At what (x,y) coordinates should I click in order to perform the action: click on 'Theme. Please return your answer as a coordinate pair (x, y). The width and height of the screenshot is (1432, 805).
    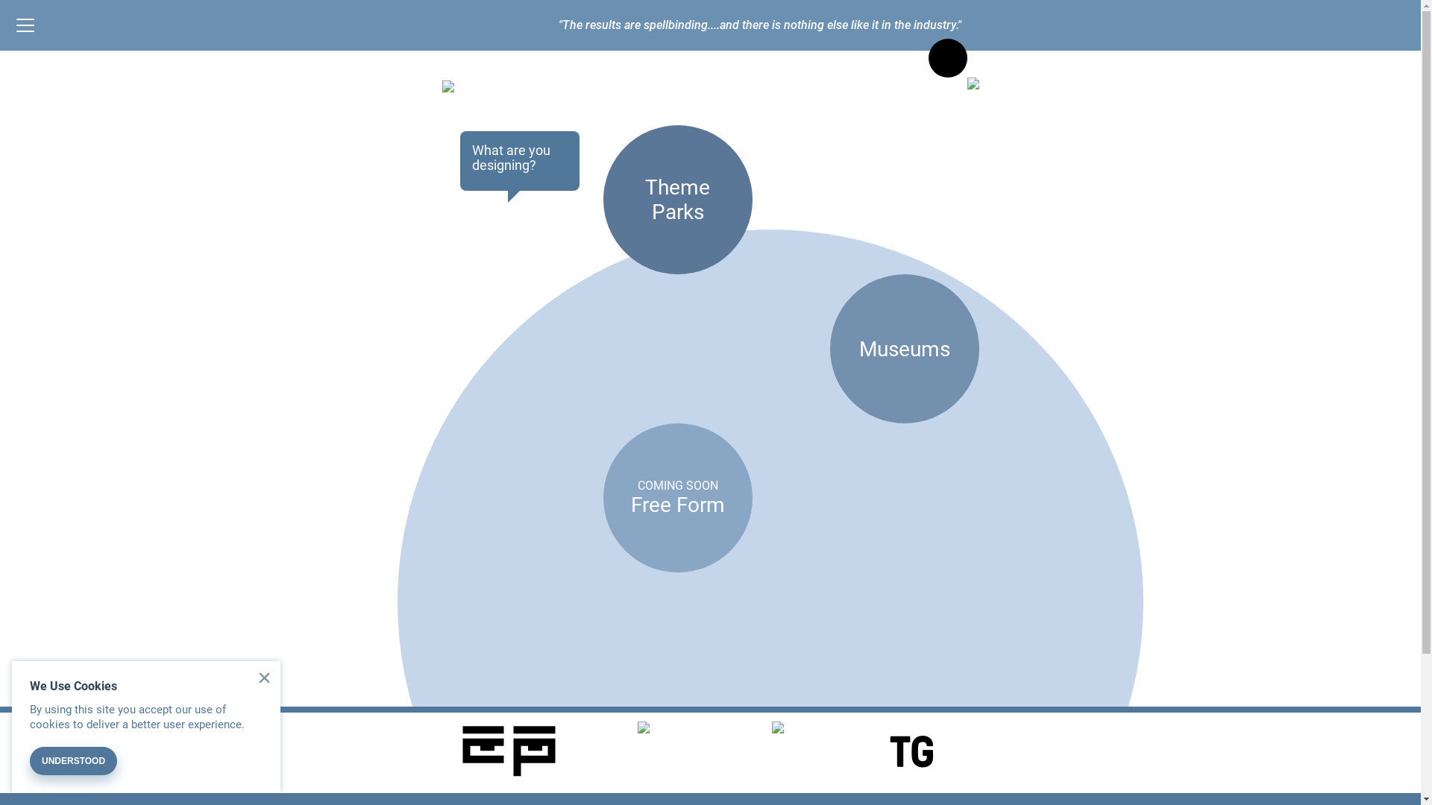
    Looking at the image, I should click on (676, 198).